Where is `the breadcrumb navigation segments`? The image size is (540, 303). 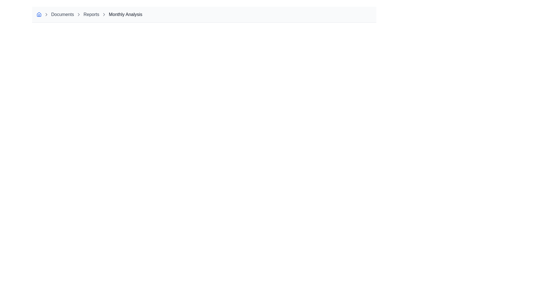 the breadcrumb navigation segments is located at coordinates (204, 14).